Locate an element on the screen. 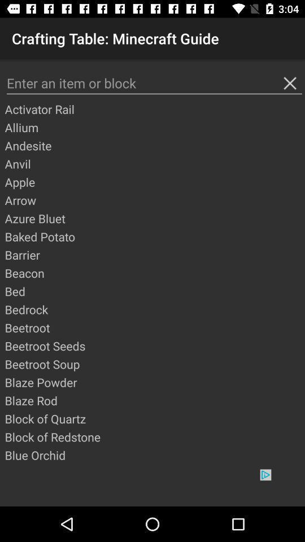 The width and height of the screenshot is (305, 542). the app above blaze rod is located at coordinates (154, 382).